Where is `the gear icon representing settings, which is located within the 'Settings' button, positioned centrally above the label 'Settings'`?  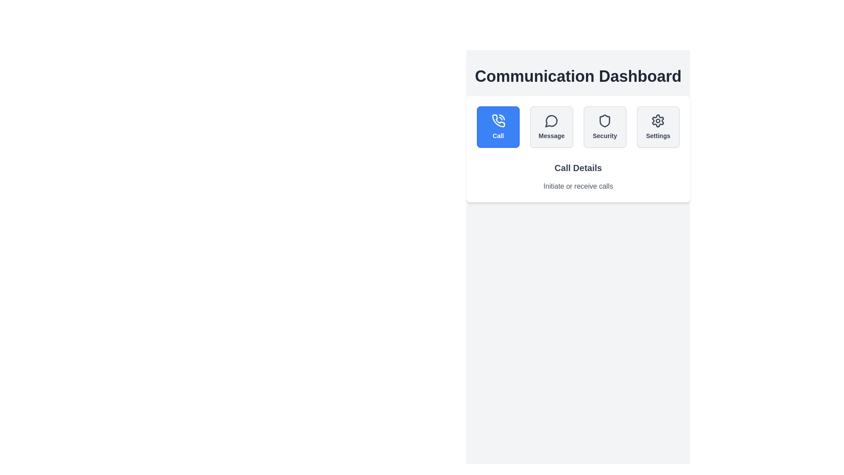 the gear icon representing settings, which is located within the 'Settings' button, positioned centrally above the label 'Settings' is located at coordinates (658, 121).